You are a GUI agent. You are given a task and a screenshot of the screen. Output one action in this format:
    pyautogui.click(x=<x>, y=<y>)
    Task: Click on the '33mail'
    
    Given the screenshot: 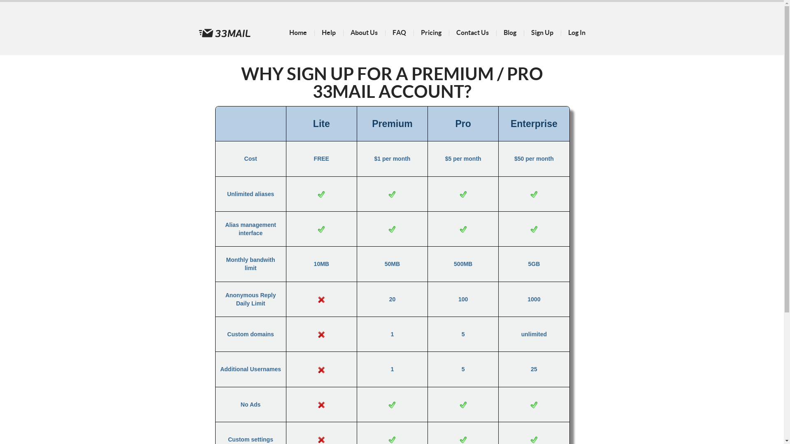 What is the action you would take?
    pyautogui.click(x=224, y=32)
    